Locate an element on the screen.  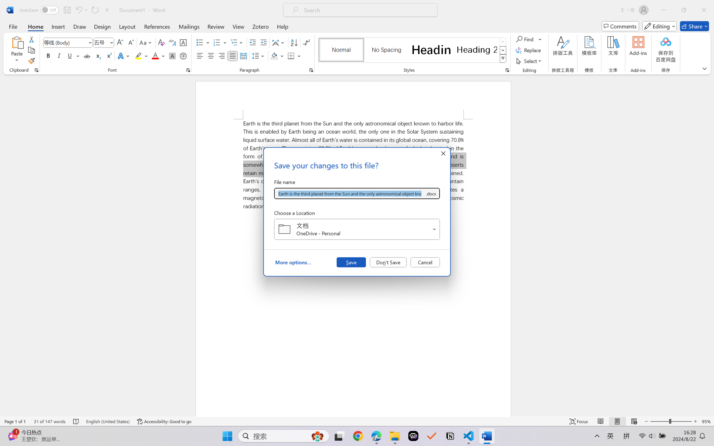
'Center' is located at coordinates (210, 55).